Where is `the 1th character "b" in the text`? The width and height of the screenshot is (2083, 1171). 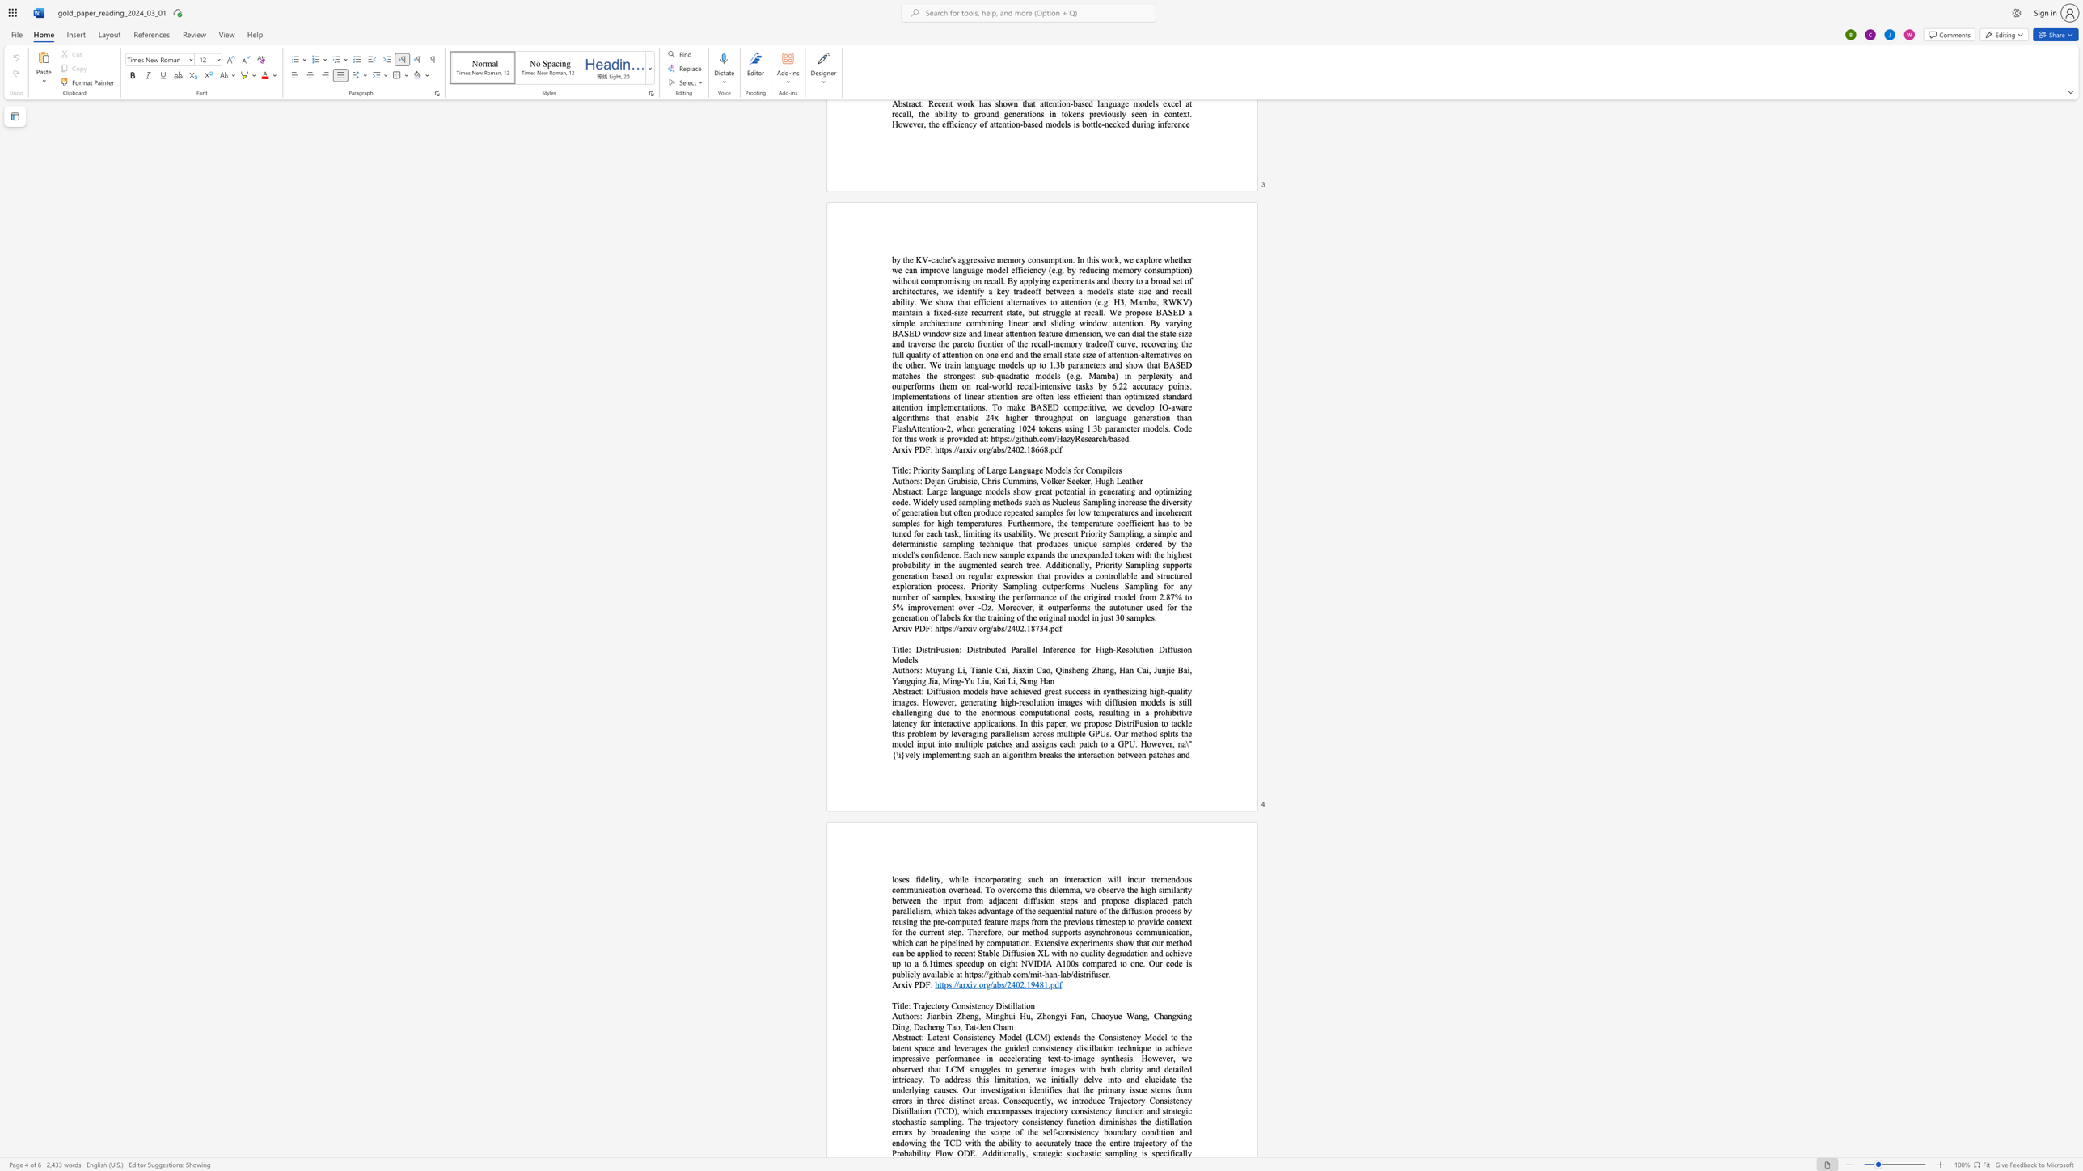 the 1th character "b" in the text is located at coordinates (901, 691).